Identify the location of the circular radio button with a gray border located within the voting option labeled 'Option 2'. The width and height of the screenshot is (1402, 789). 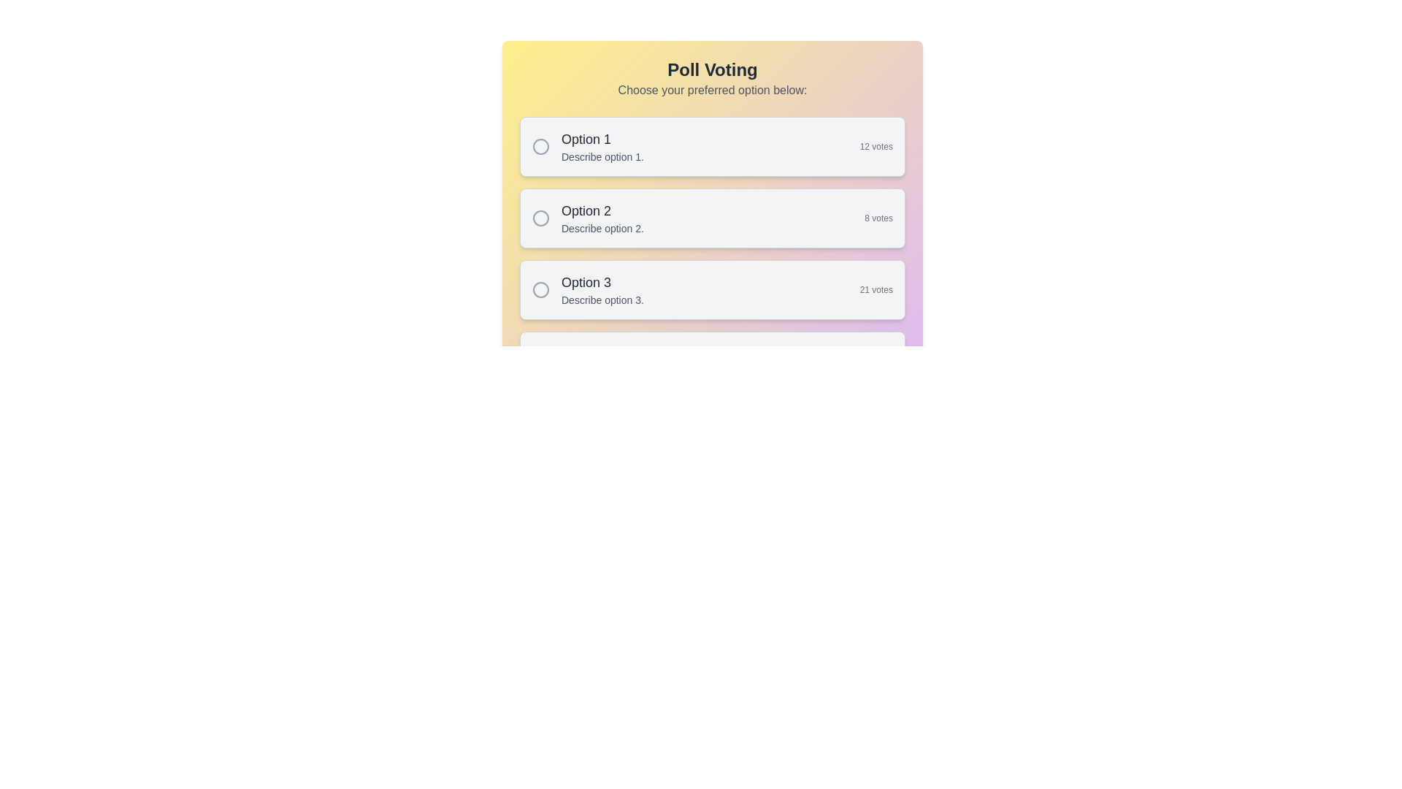
(540, 218).